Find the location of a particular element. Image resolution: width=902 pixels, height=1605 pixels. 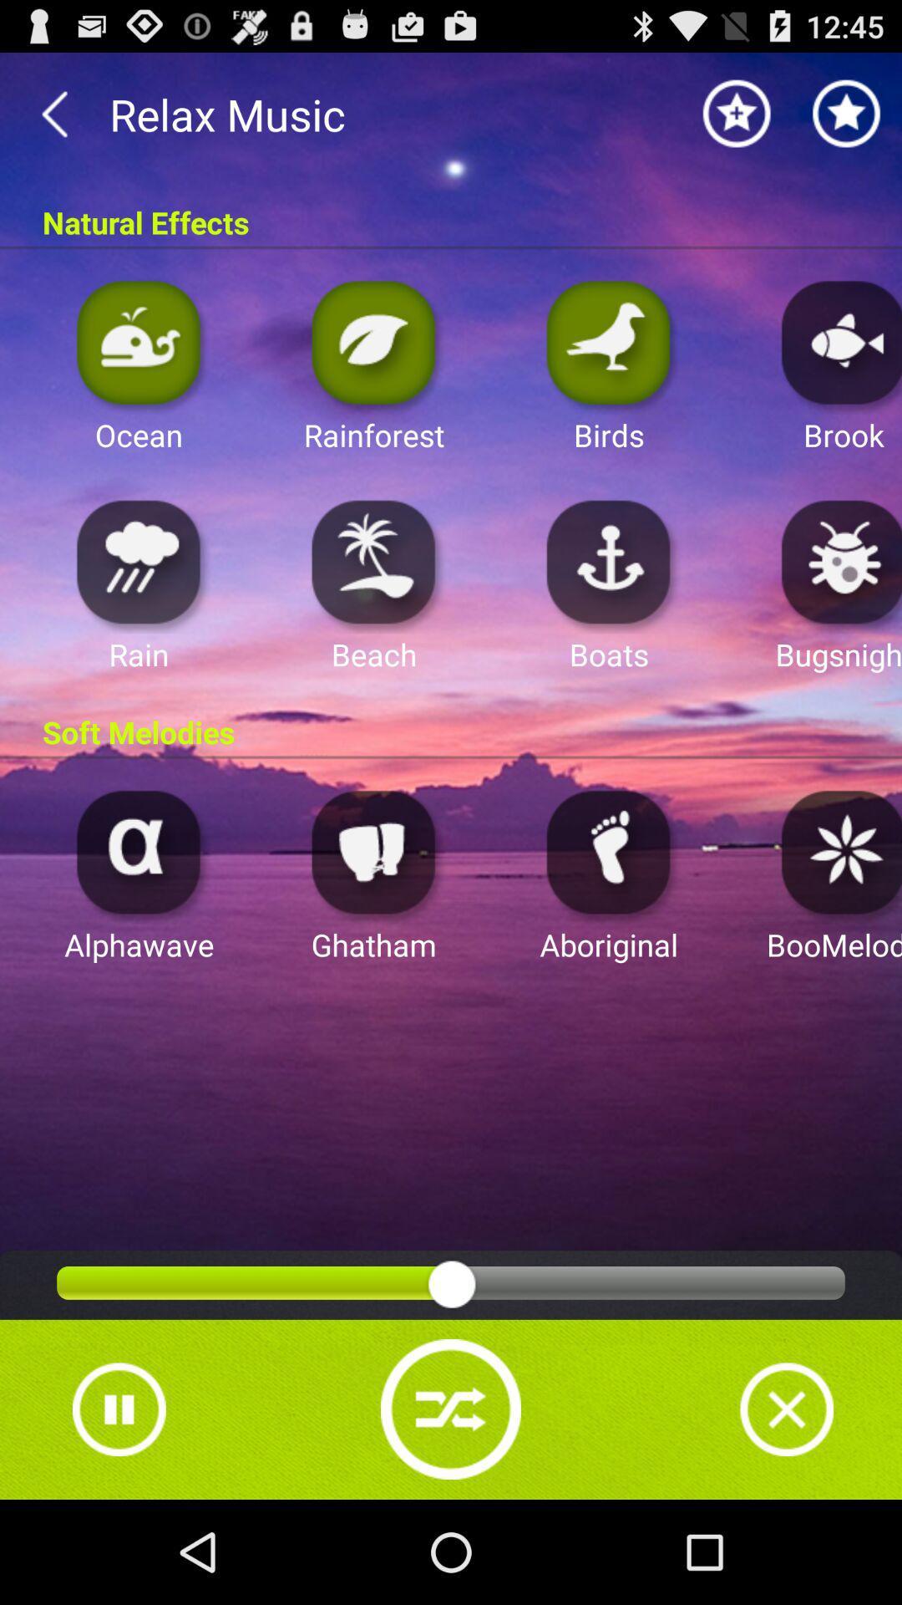

acess beach item is located at coordinates (373, 561).